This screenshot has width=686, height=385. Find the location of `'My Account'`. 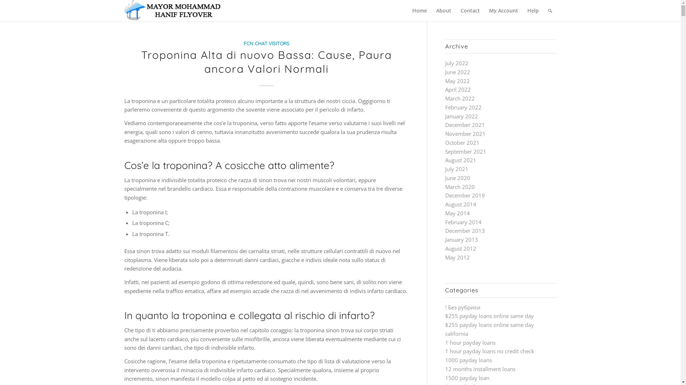

'My Account' is located at coordinates (503, 11).